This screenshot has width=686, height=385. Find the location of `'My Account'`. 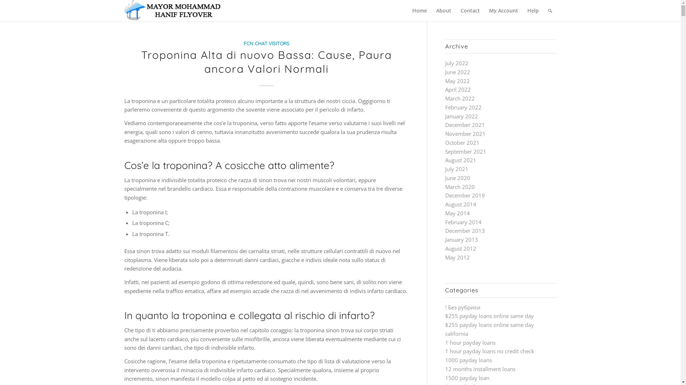

'My Account' is located at coordinates (503, 11).